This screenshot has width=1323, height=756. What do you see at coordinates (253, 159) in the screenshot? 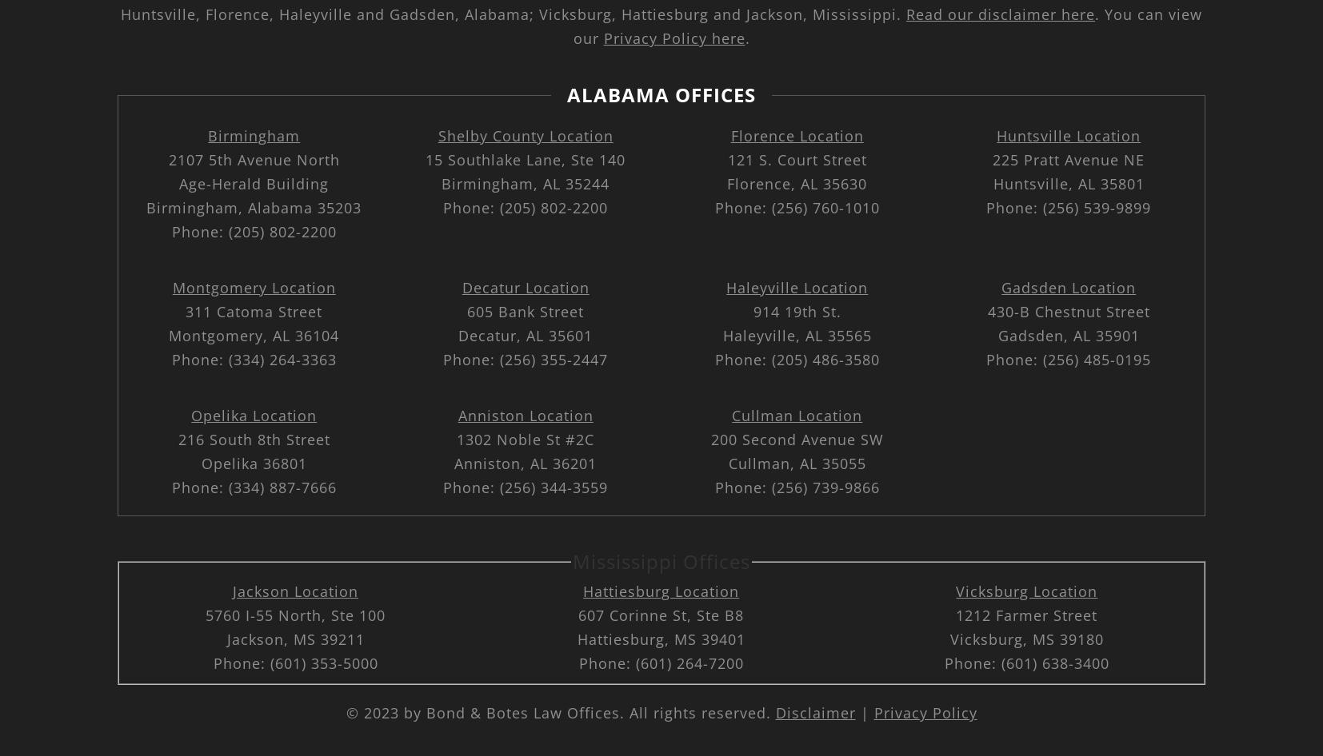
I see `'2107 5th Avenue North'` at bounding box center [253, 159].